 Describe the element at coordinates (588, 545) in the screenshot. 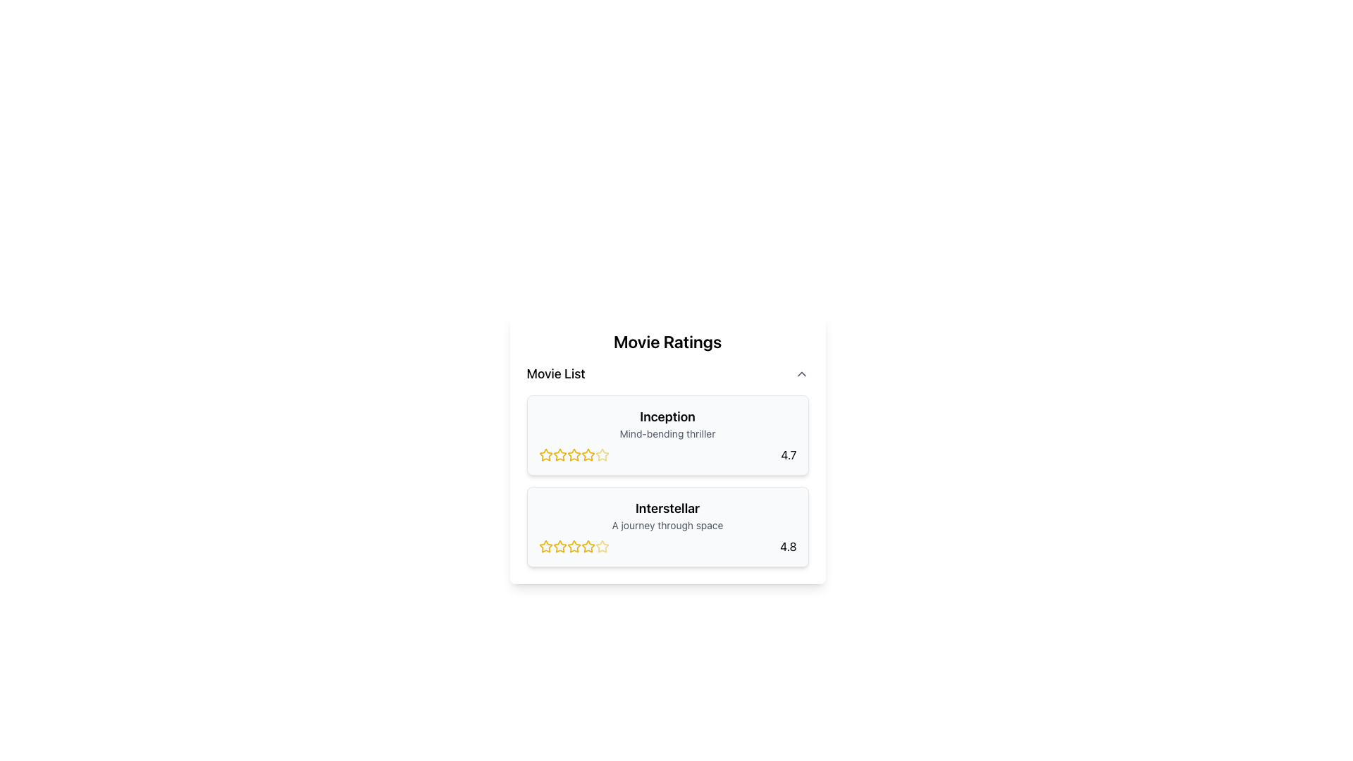

I see `the fifth star icon in the horizontal row of rating stars under the 'Interstellar' movie entry in the 'Movie Ratings' section to rate it` at that location.